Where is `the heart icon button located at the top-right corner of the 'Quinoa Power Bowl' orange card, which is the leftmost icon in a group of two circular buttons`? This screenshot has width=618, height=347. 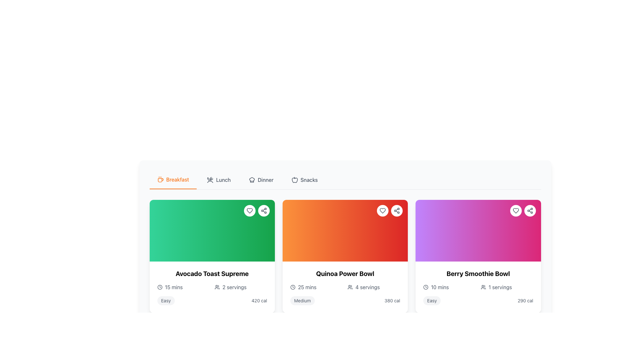 the heart icon button located at the top-right corner of the 'Quinoa Power Bowl' orange card, which is the leftmost icon in a group of two circular buttons is located at coordinates (383, 210).